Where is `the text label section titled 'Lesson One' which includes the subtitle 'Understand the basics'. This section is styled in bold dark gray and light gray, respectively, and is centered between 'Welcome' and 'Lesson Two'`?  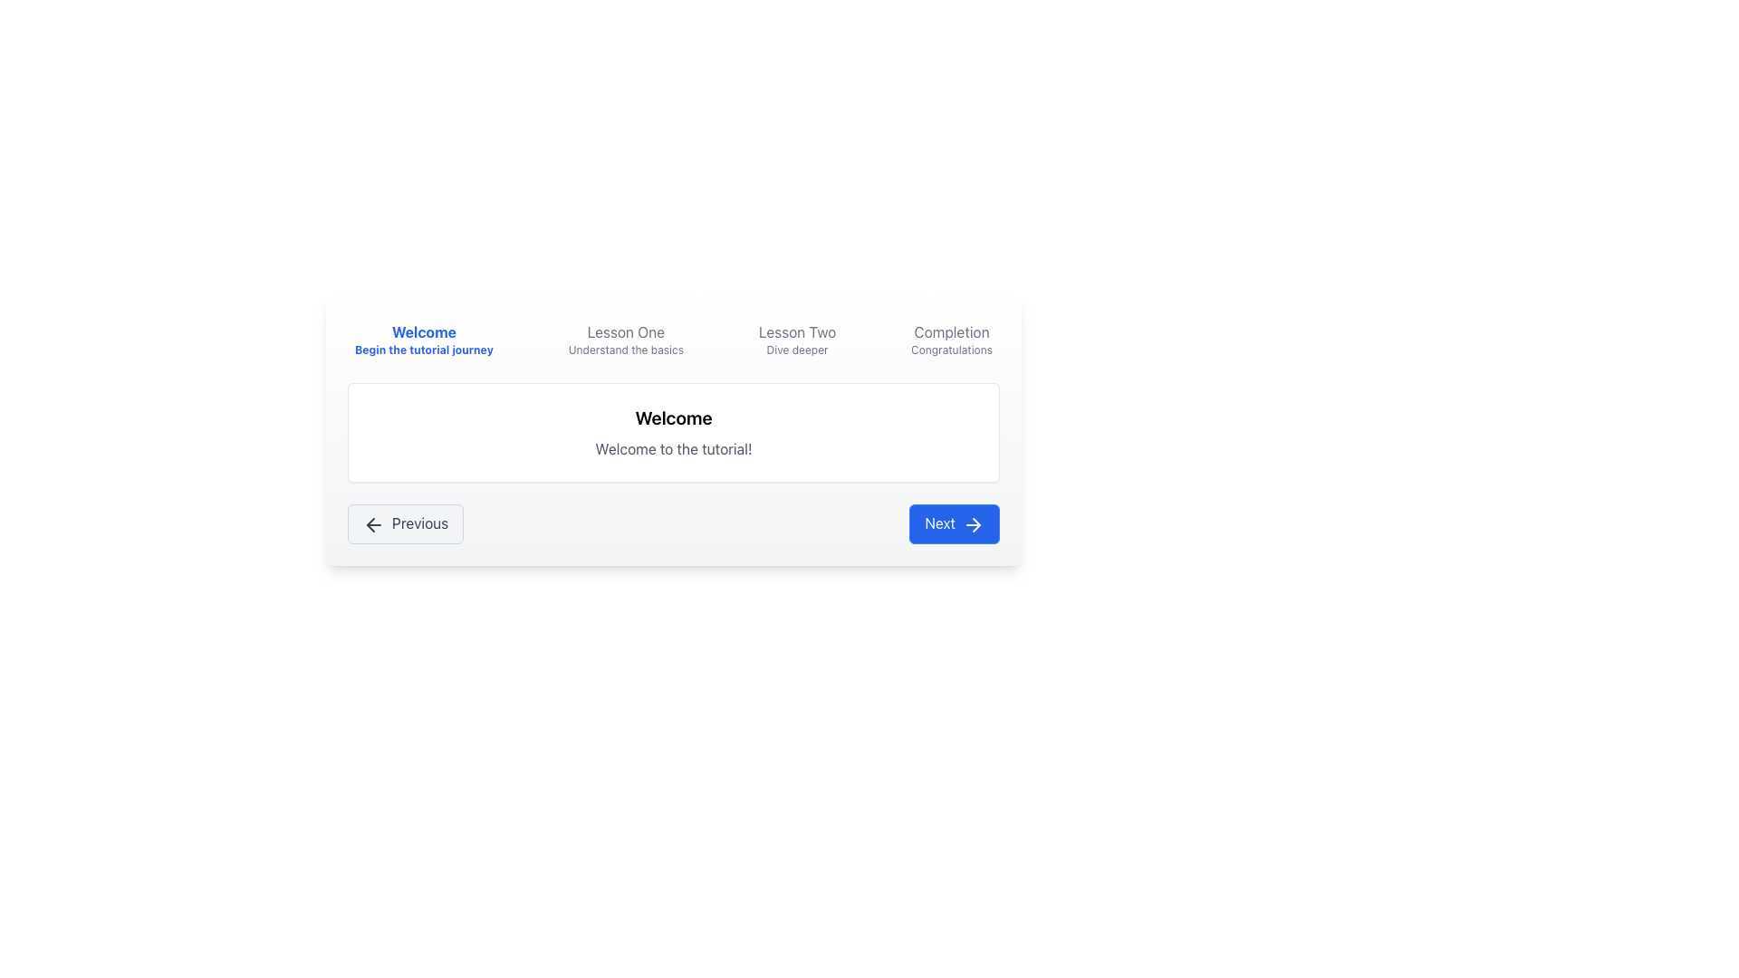
the text label section titled 'Lesson One' which includes the subtitle 'Understand the basics'. This section is styled in bold dark gray and light gray, respectively, and is centered between 'Welcome' and 'Lesson Two' is located at coordinates (673, 339).